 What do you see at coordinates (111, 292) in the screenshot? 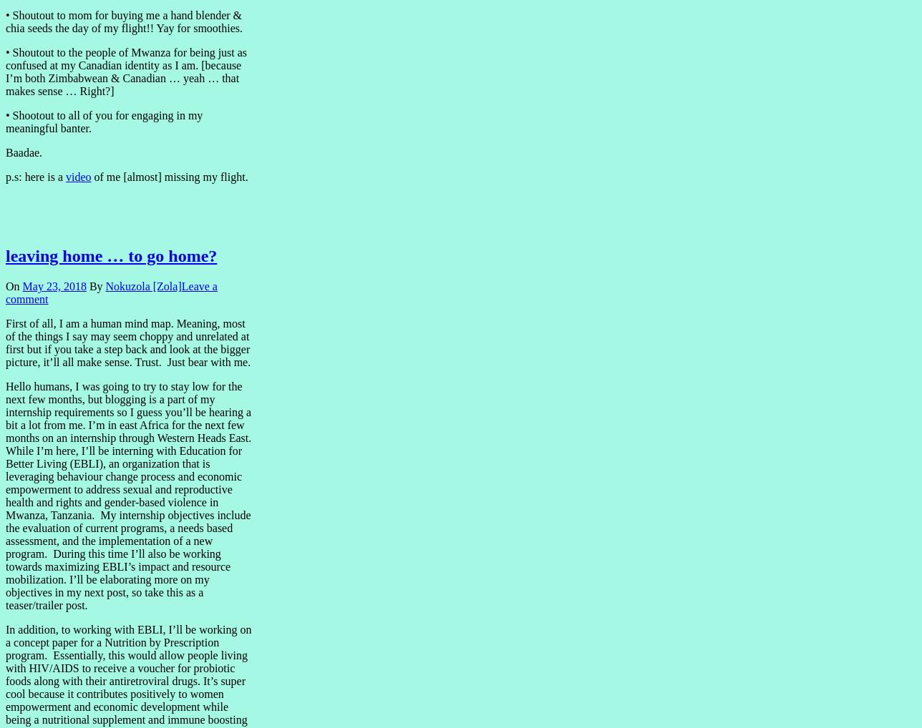
I see `'Leave a comment'` at bounding box center [111, 292].